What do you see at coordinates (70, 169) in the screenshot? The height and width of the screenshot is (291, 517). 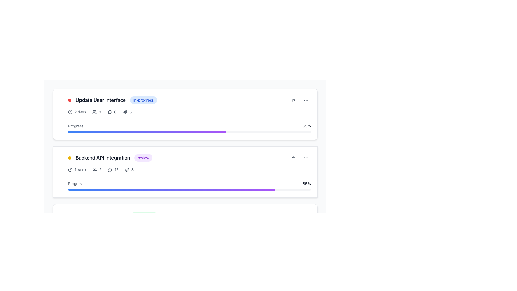 I see `the Clock icon located in the 'Backend API Integration' card, adjacent to the text '1 week', which is the first icon in a horizontal arrangement of icons and text showing task information` at bounding box center [70, 169].